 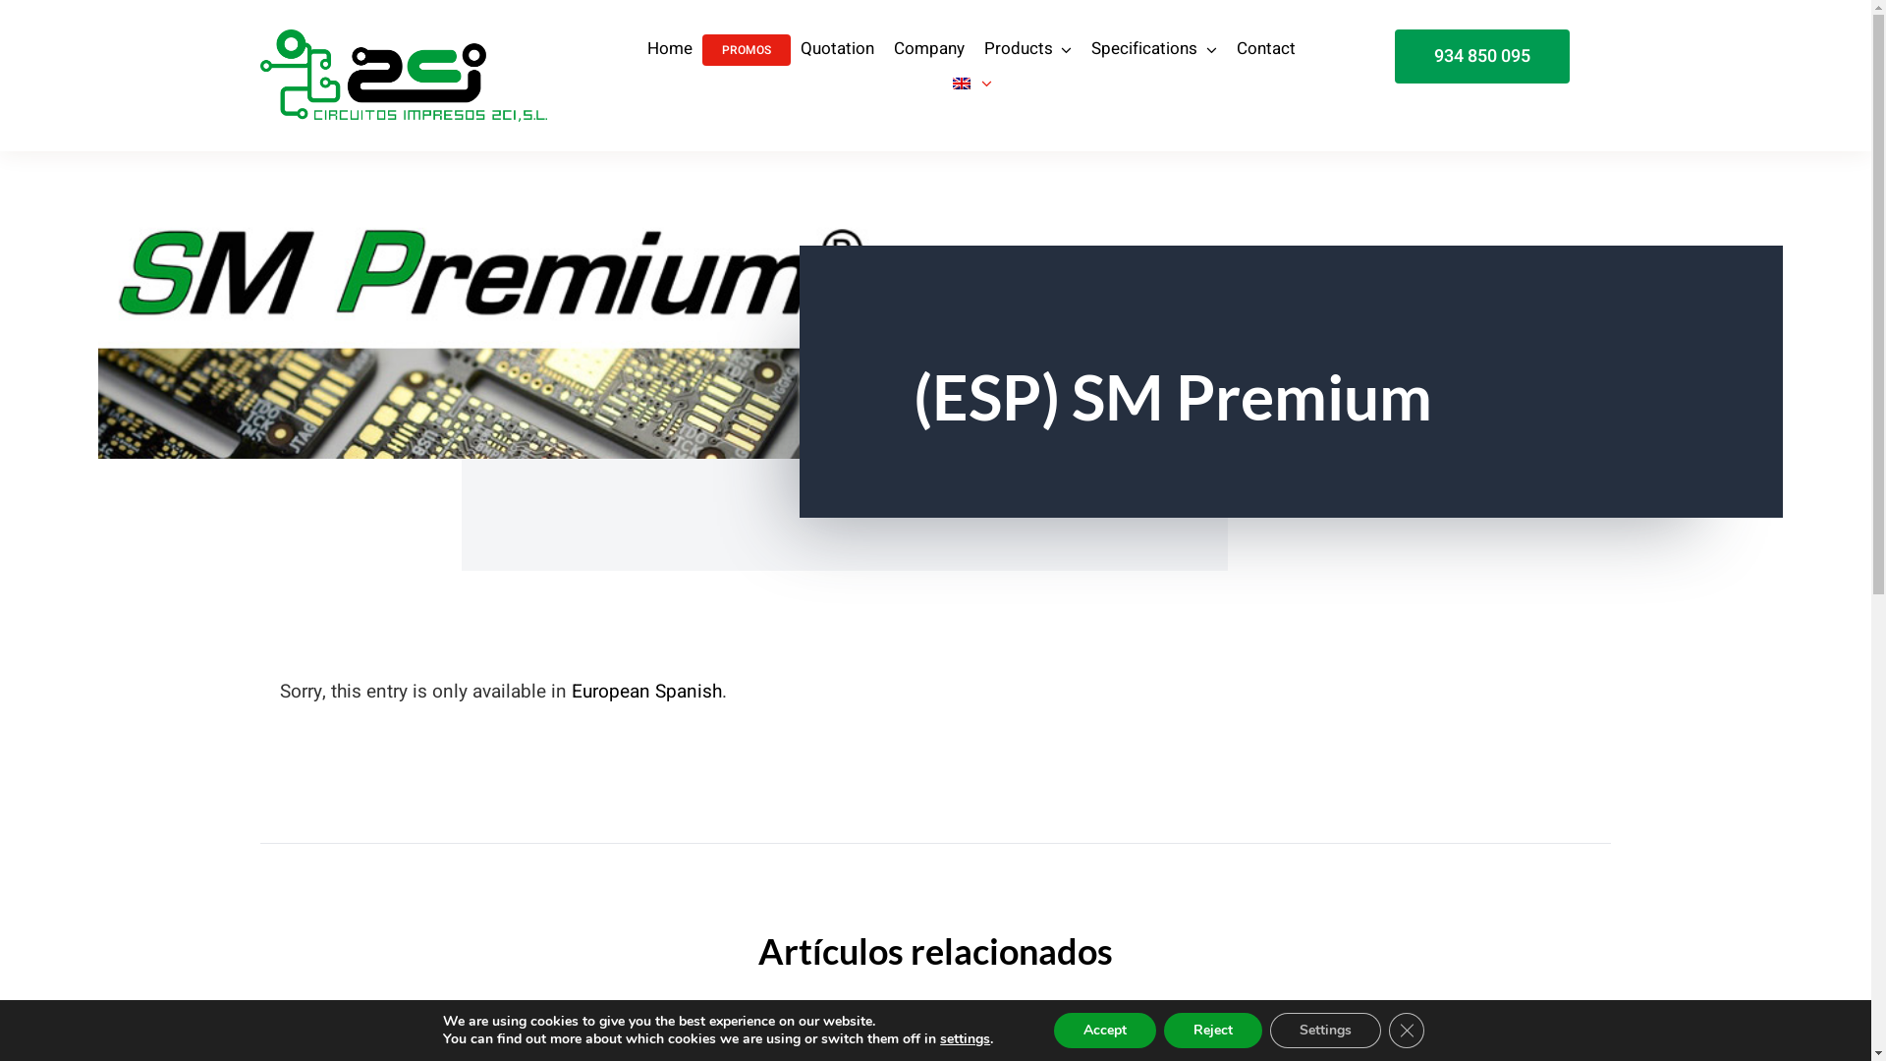 What do you see at coordinates (1481, 55) in the screenshot?
I see `'934 850 095'` at bounding box center [1481, 55].